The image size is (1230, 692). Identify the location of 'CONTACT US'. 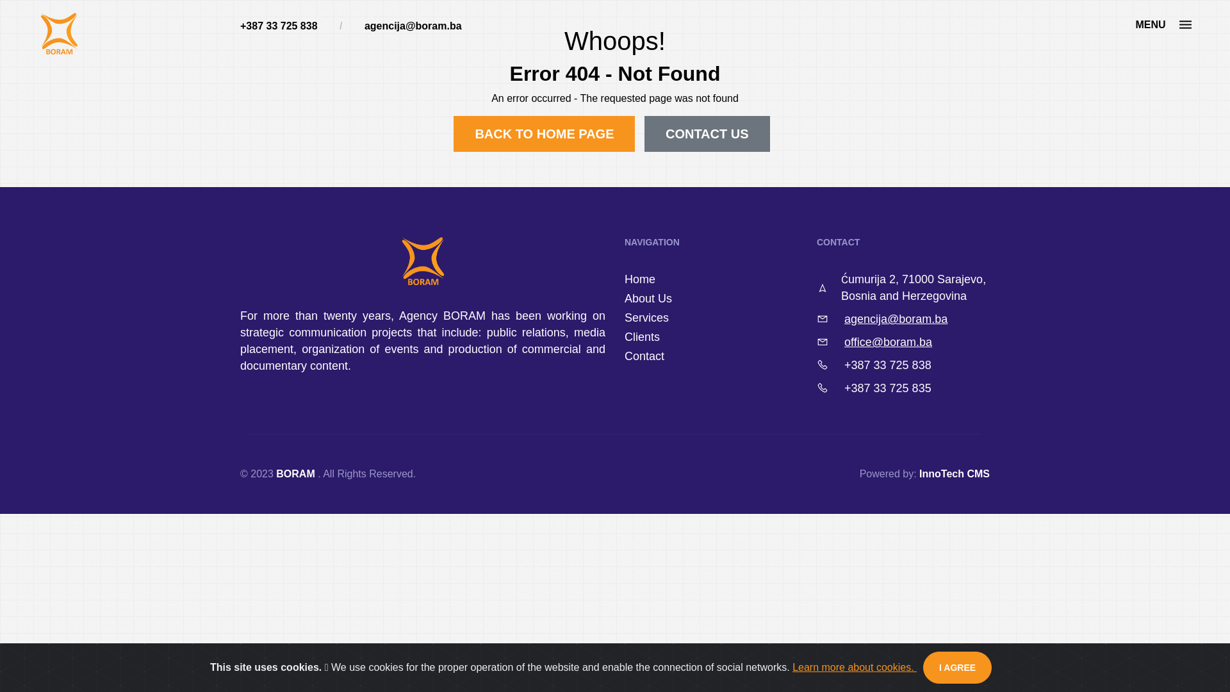
(707, 133).